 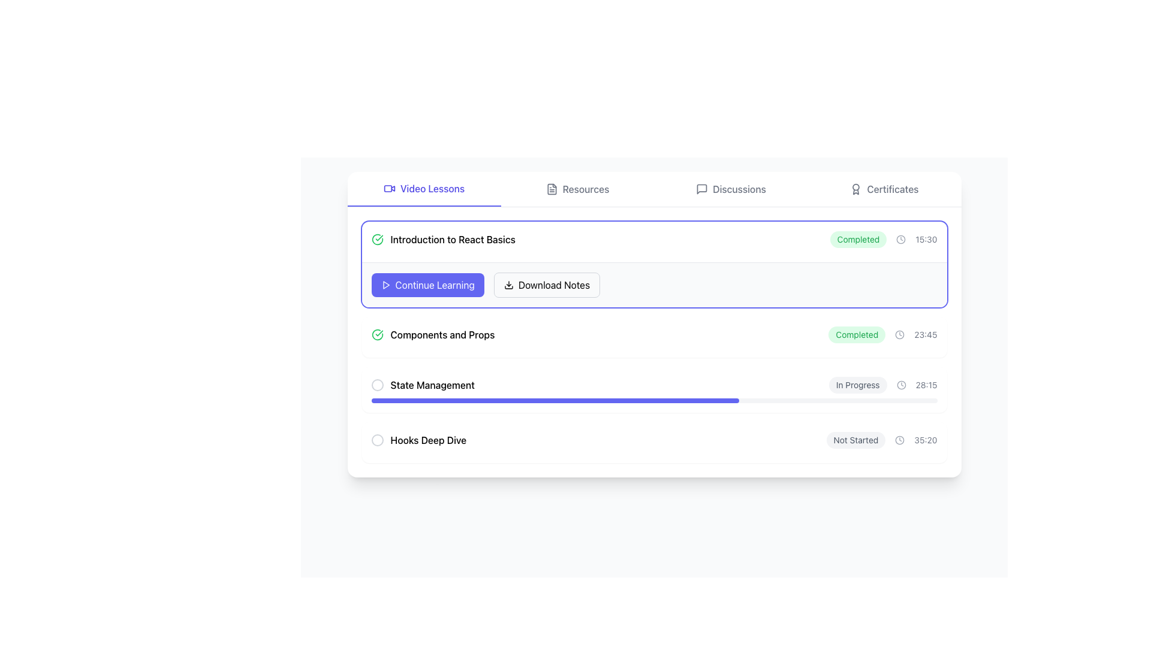 What do you see at coordinates (894, 439) in the screenshot?
I see `the circular element at a specified angle 172 (in degrees) from the positive x-axis` at bounding box center [894, 439].